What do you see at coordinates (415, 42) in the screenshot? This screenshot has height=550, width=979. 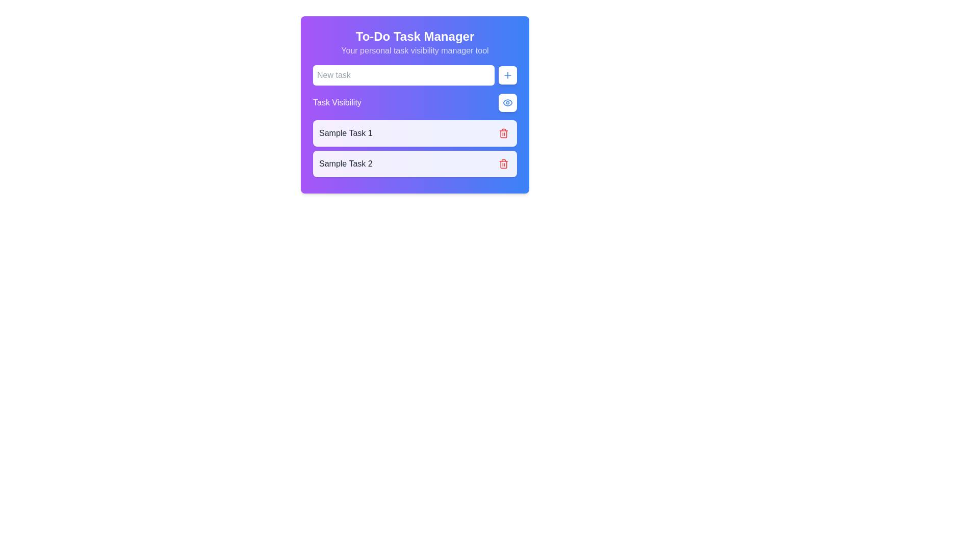 I see `the Header displaying 'To-Do Task Manager' with subtitle 'Your personal task visibility manager tool' at the top of the card interface` at bounding box center [415, 42].